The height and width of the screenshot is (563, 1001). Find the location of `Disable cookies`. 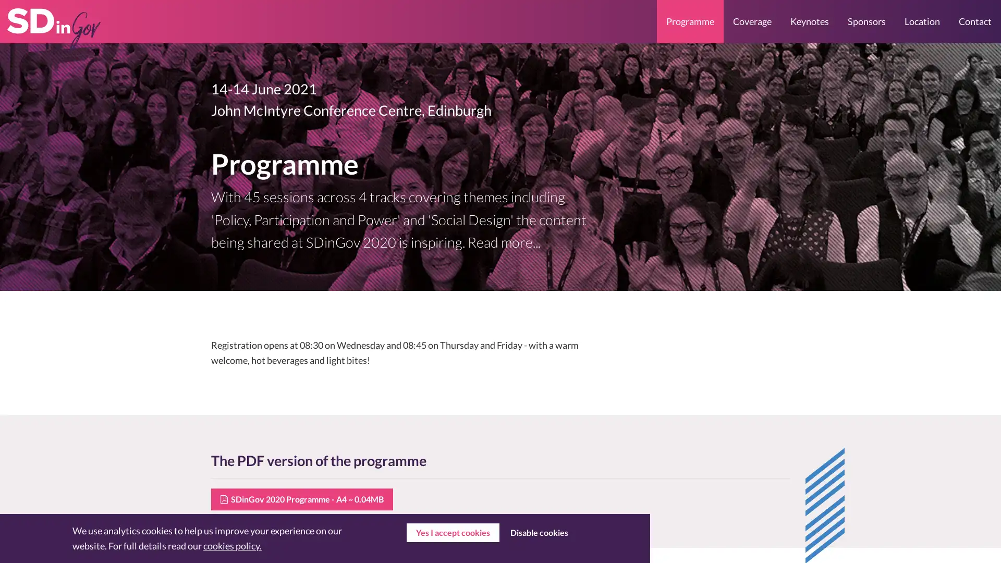

Disable cookies is located at coordinates (539, 533).